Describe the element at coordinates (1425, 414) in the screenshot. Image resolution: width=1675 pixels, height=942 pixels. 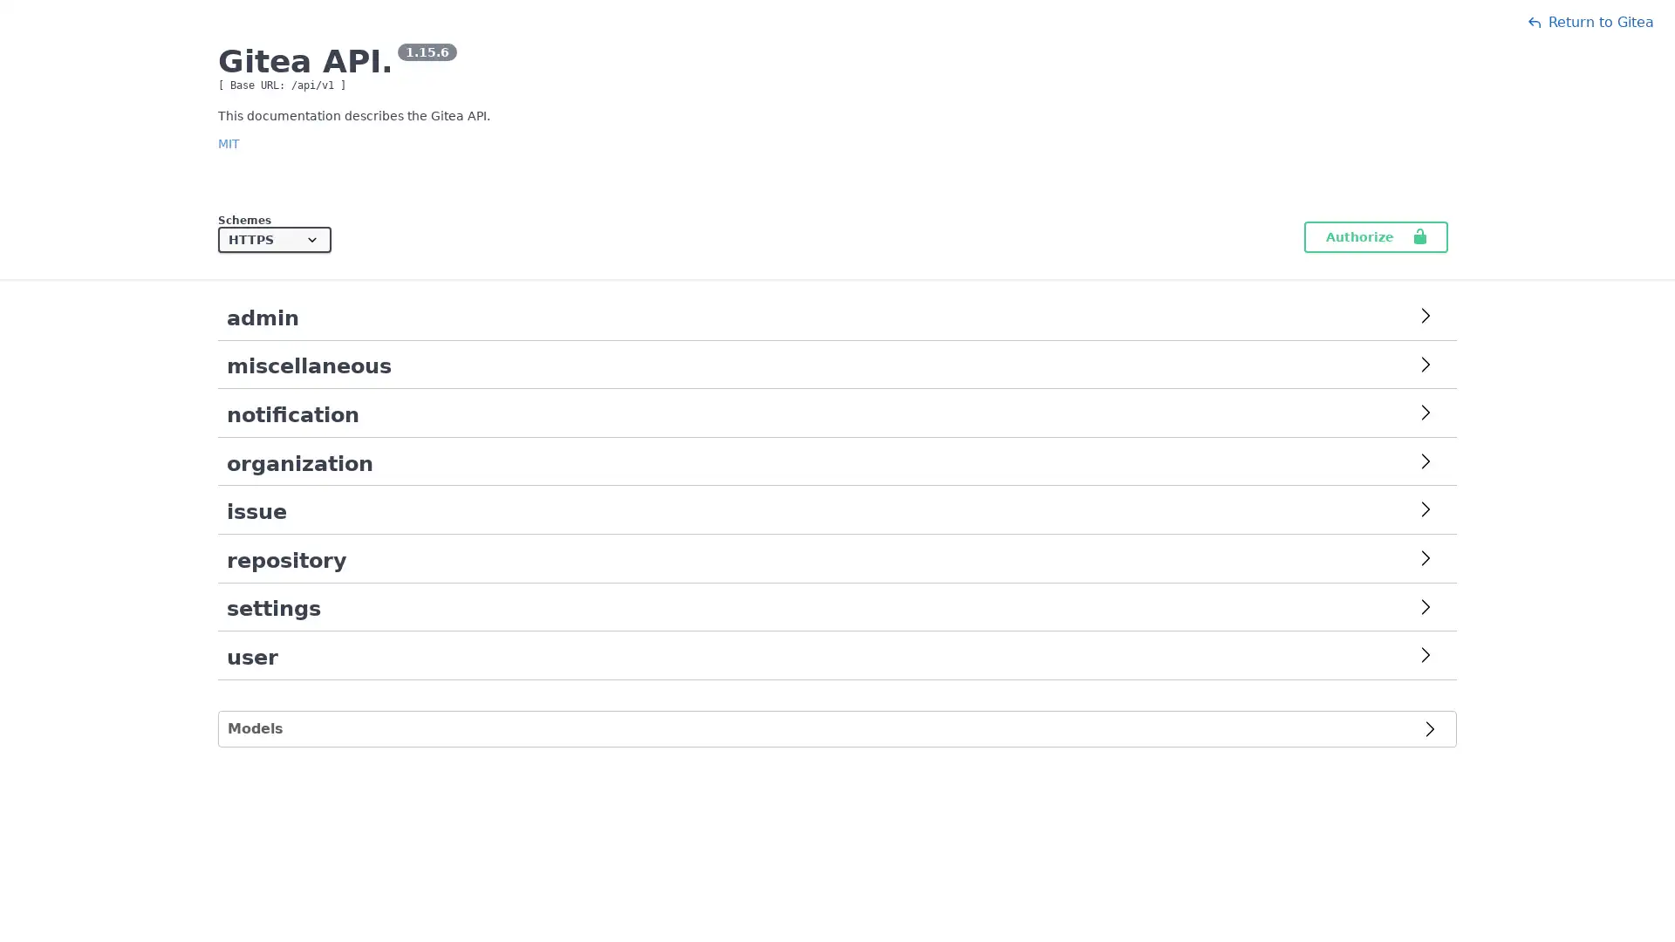
I see `Expand operation` at that location.